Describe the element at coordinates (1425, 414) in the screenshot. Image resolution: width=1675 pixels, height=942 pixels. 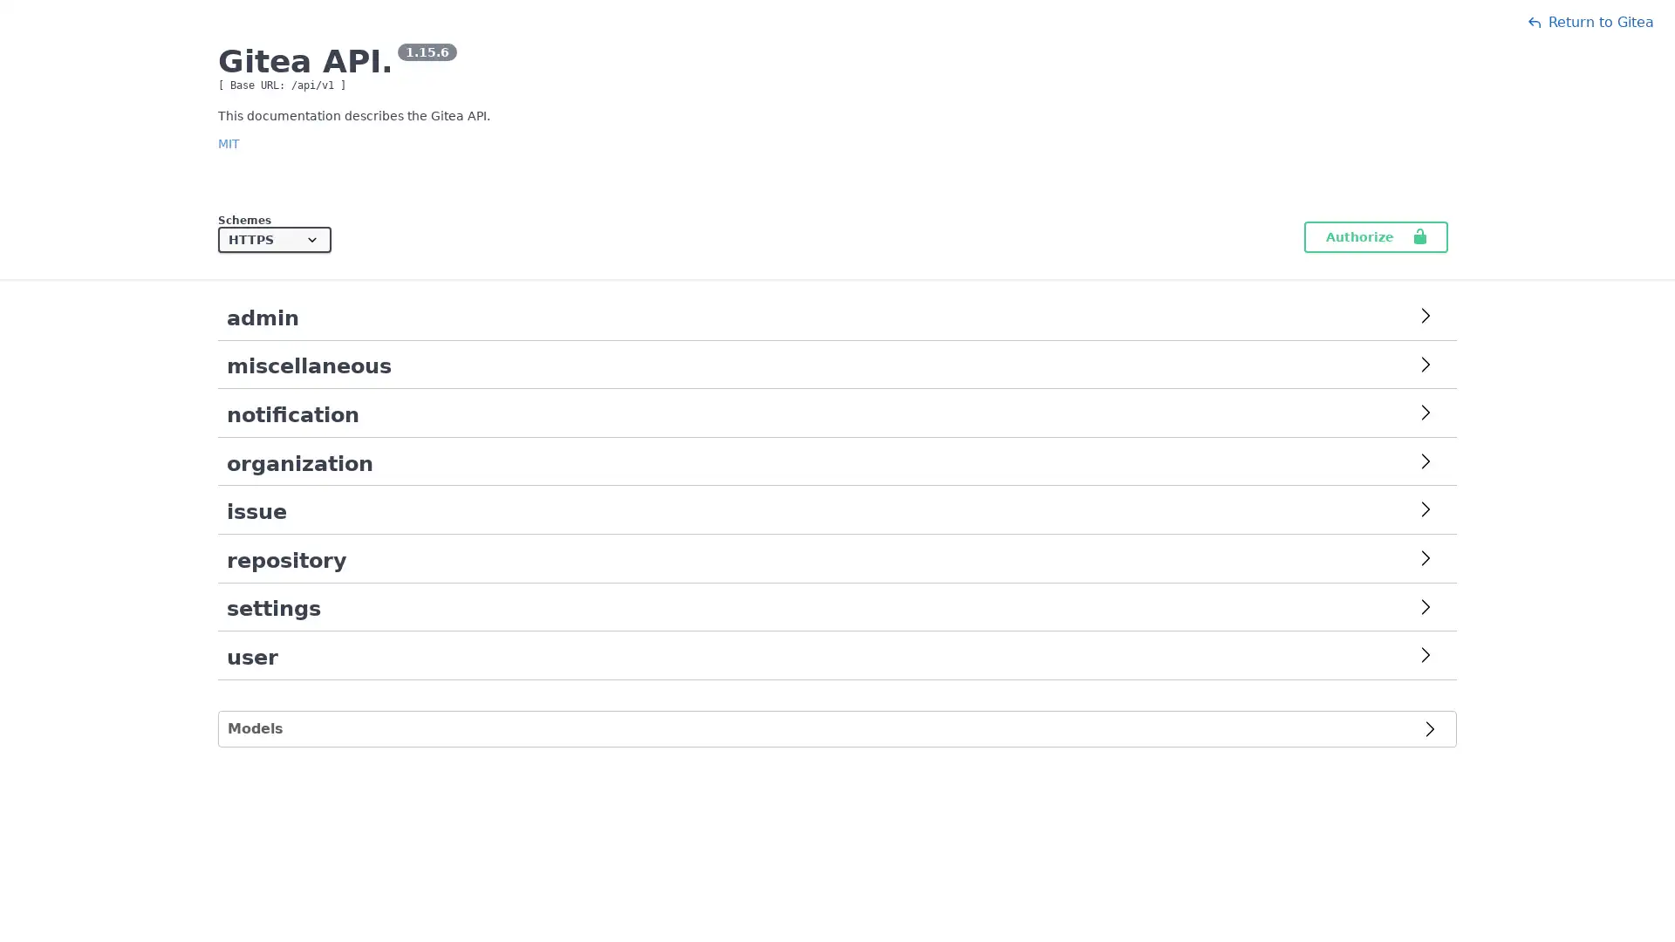
I see `Expand operation` at that location.